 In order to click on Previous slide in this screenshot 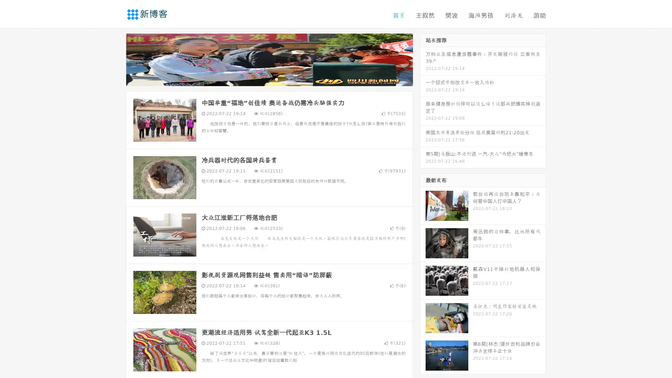, I will do `click(115, 59)`.